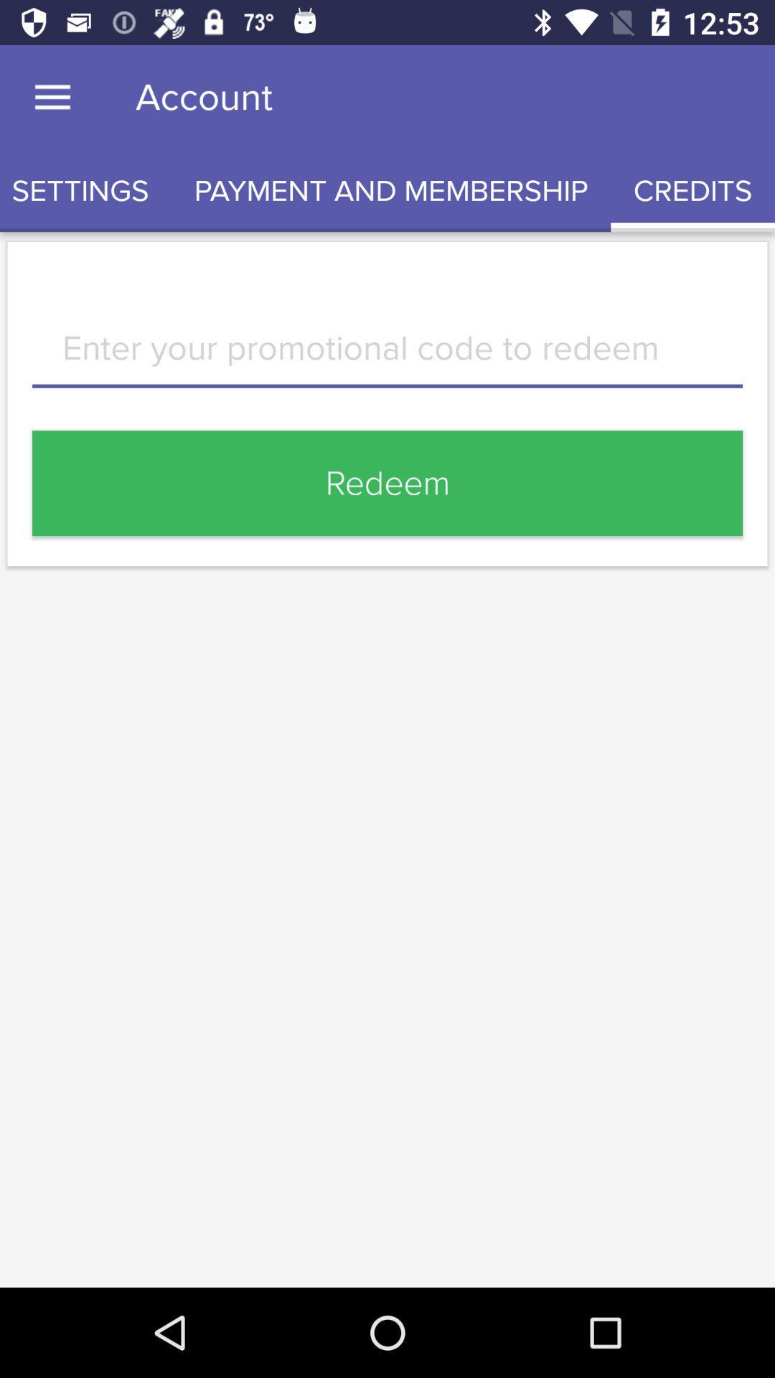 The height and width of the screenshot is (1378, 775). What do you see at coordinates (85, 190) in the screenshot?
I see `icon next to the payment and membership icon` at bounding box center [85, 190].